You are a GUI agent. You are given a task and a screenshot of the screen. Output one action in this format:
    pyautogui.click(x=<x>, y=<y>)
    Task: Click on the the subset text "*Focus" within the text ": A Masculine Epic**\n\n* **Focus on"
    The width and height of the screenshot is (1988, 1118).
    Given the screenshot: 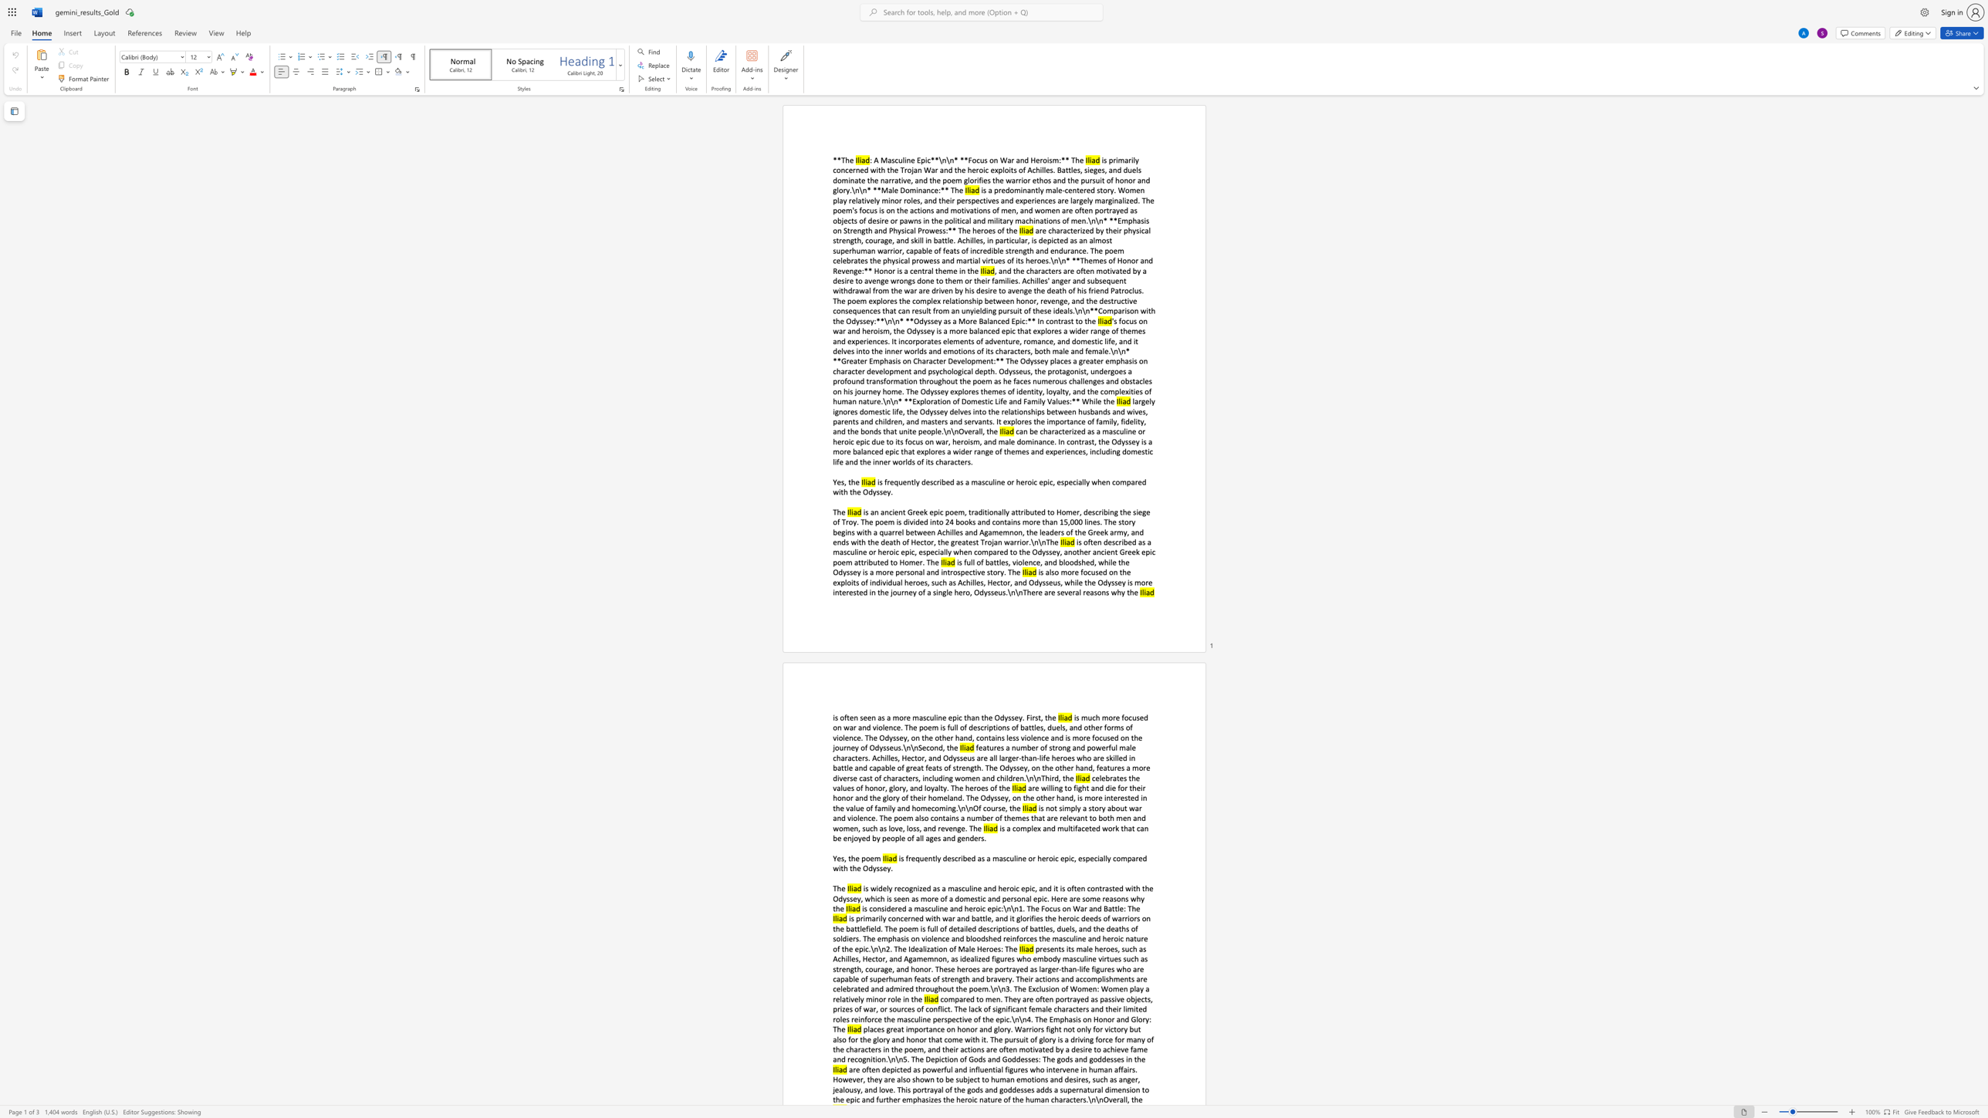 What is the action you would take?
    pyautogui.click(x=963, y=160)
    